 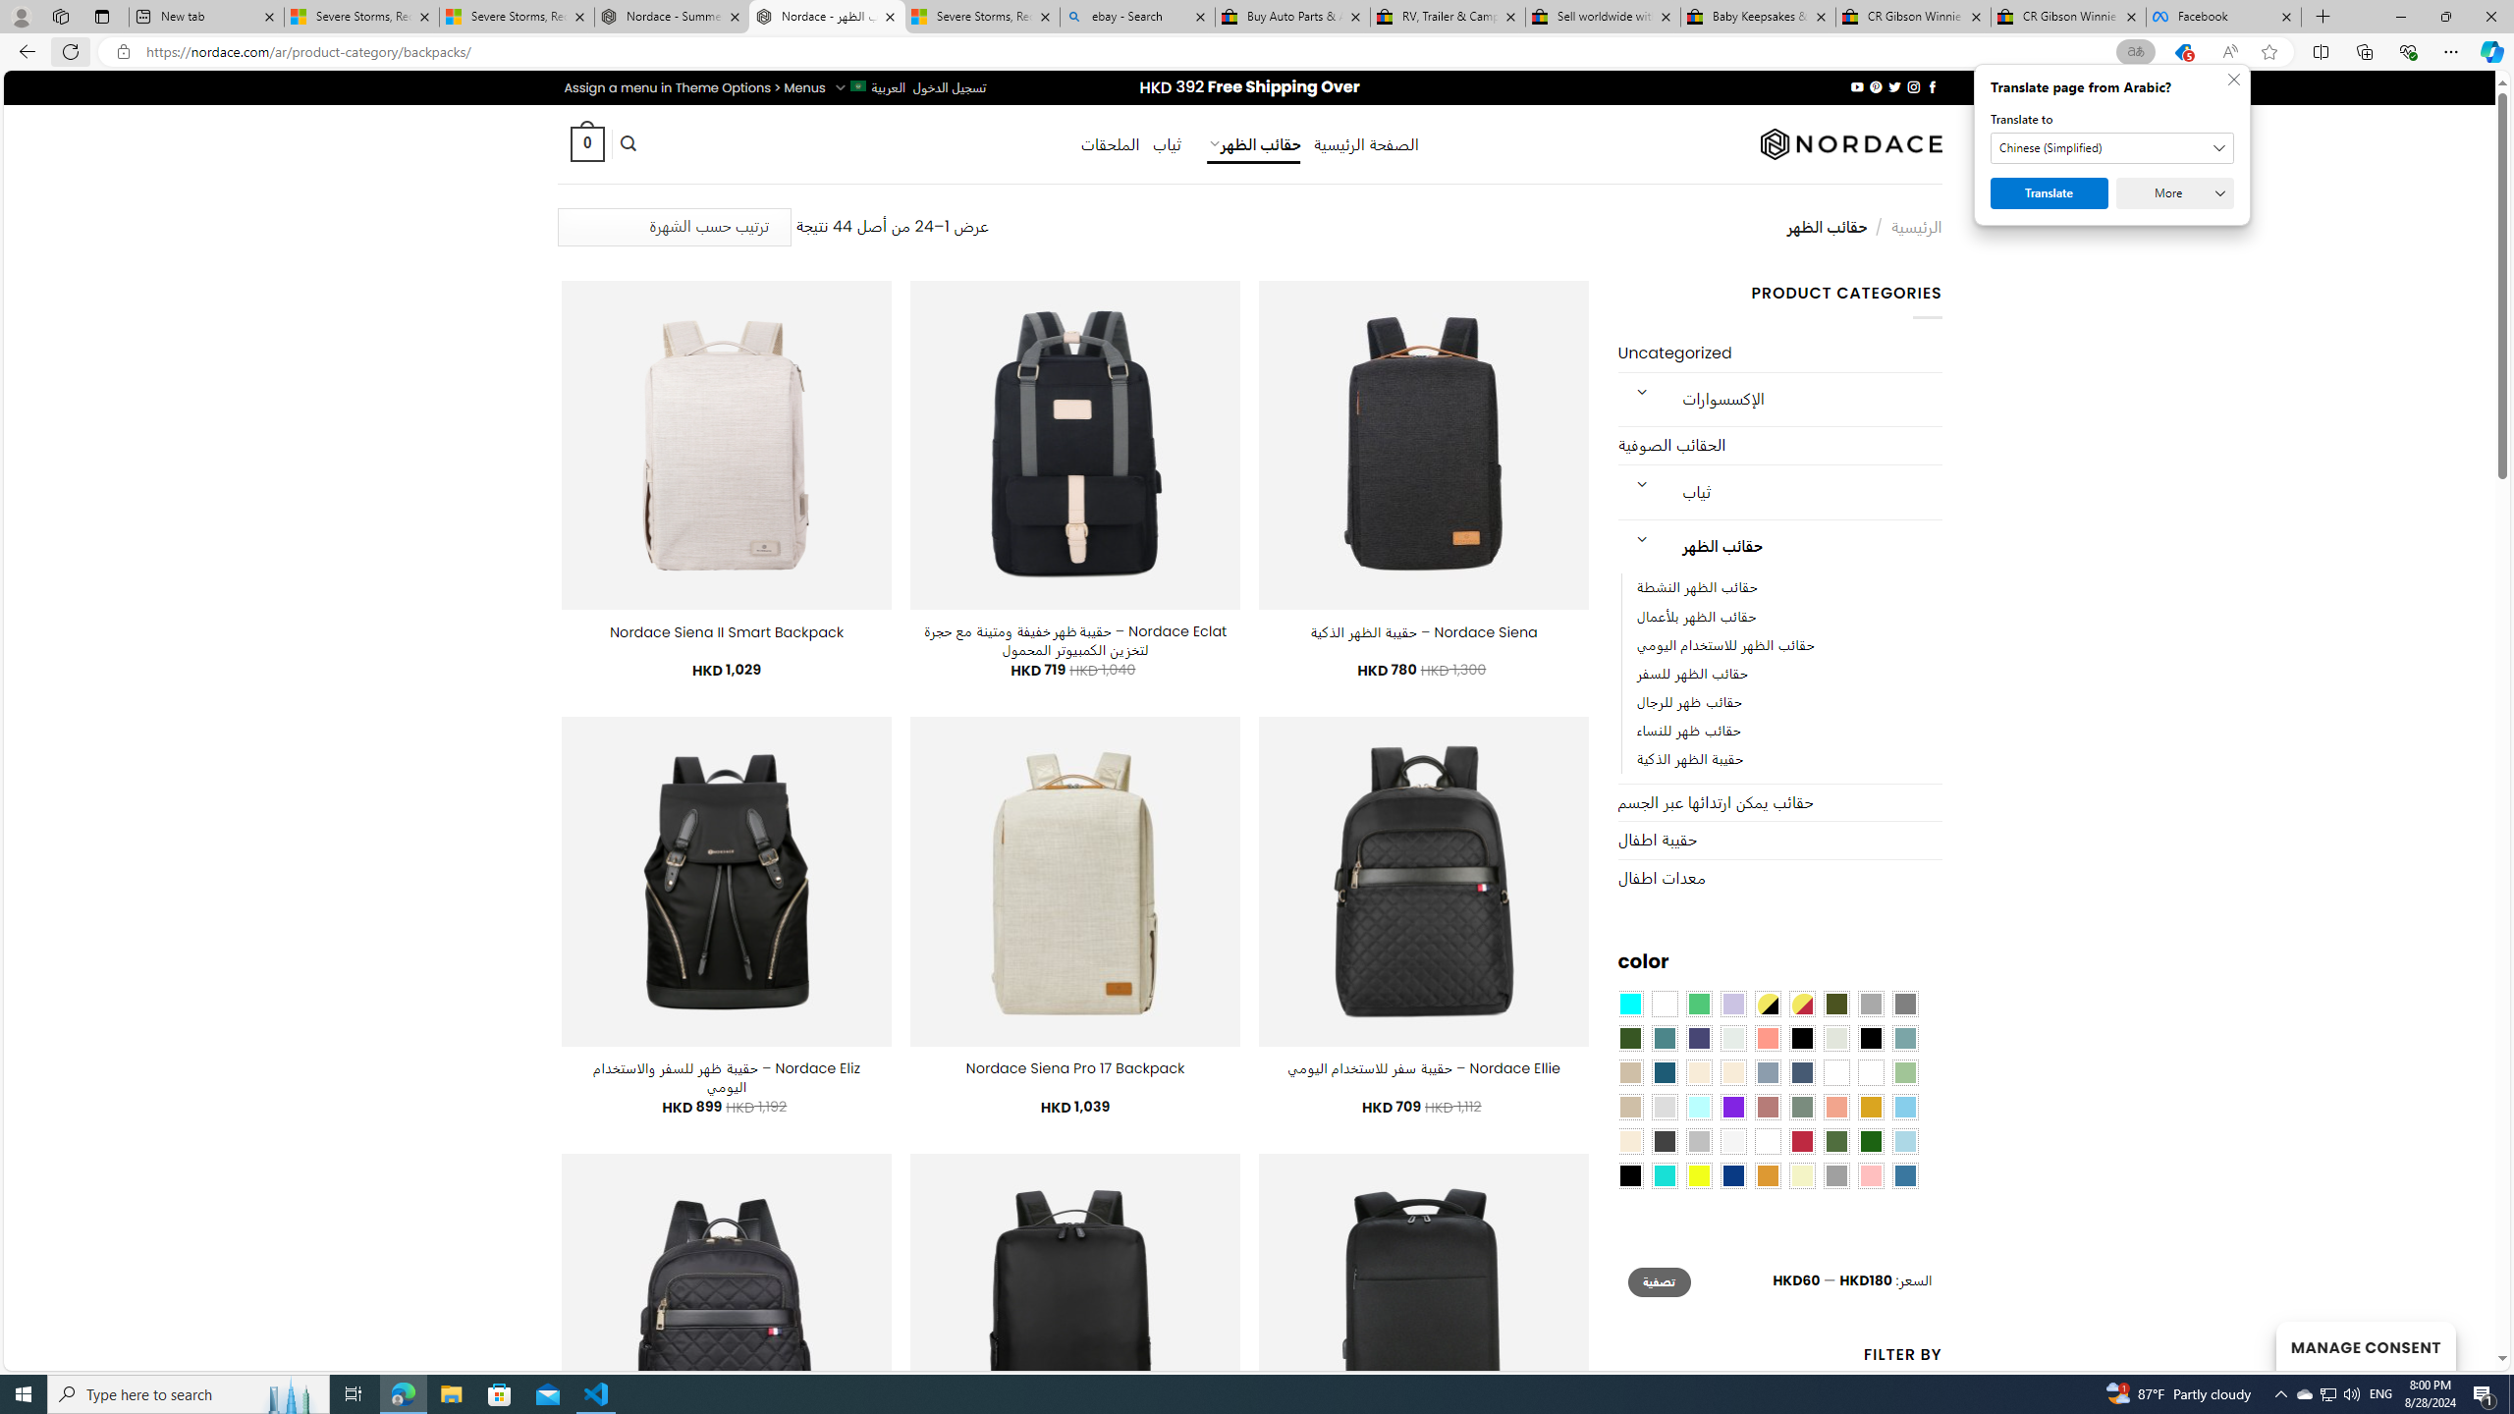 I want to click on 'Yellow-Black', so click(x=1766, y=1004).